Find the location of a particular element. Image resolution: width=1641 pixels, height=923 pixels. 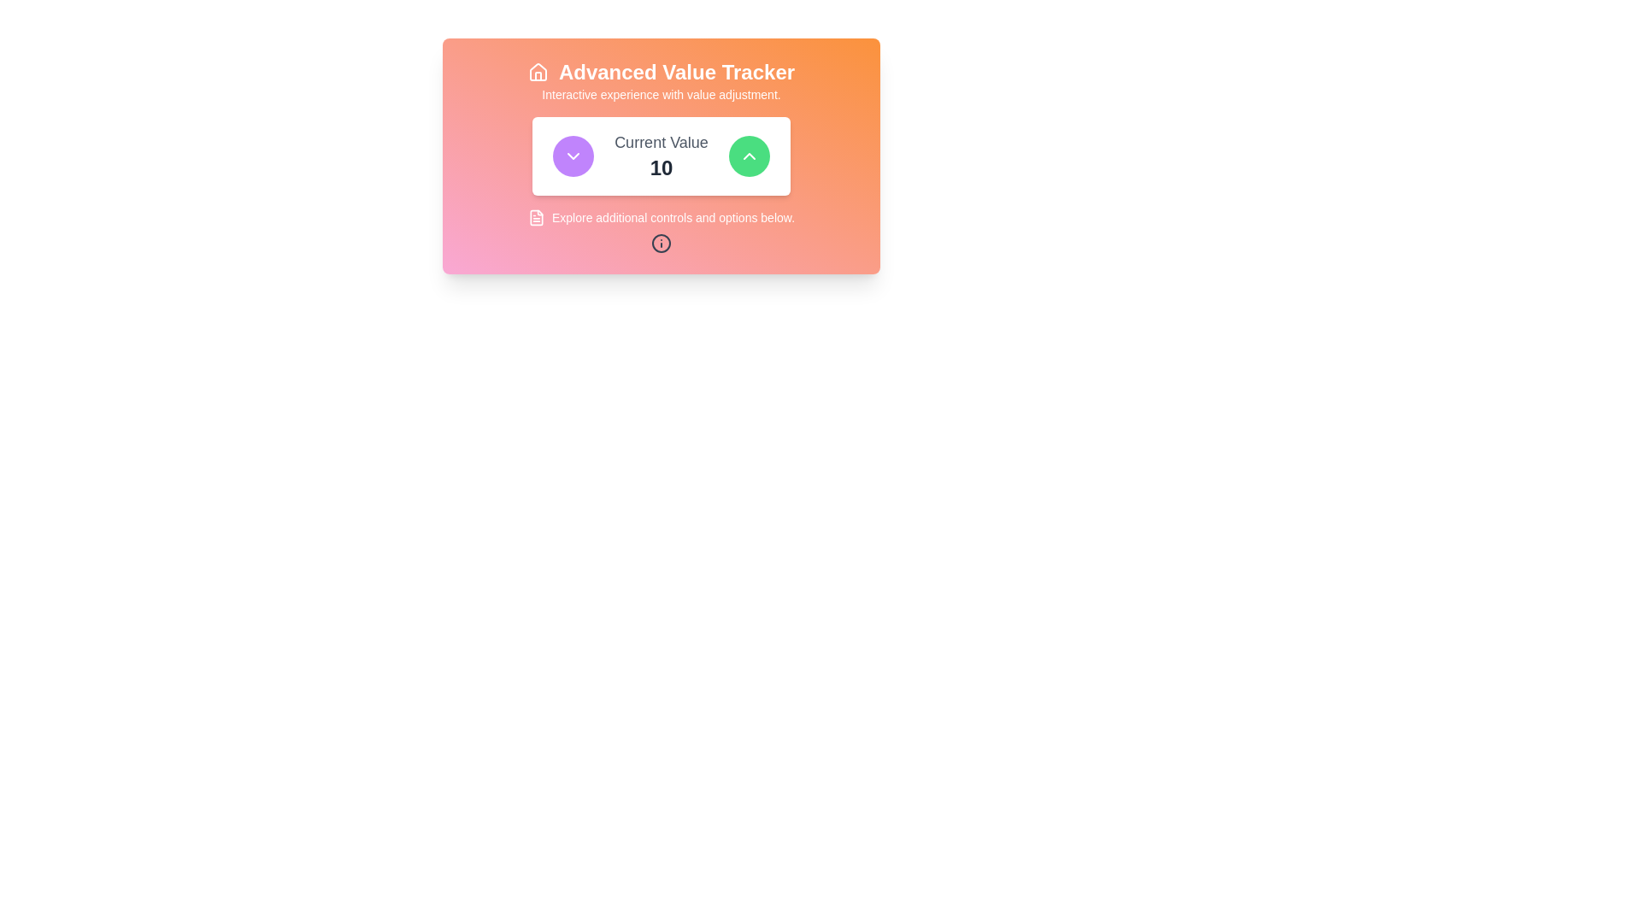

the graphic icon representing files or documents located below the 'Advanced Value Tracker' title and above the text 'Explore additional controls and options below.' is located at coordinates (536, 216).